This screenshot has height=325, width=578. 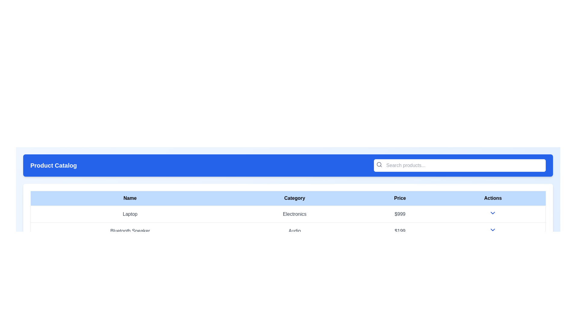 What do you see at coordinates (493, 231) in the screenshot?
I see `the dropdown toggle indicator in the 'Actions' column of the 'Bluetooth Speaker' product row` at bounding box center [493, 231].